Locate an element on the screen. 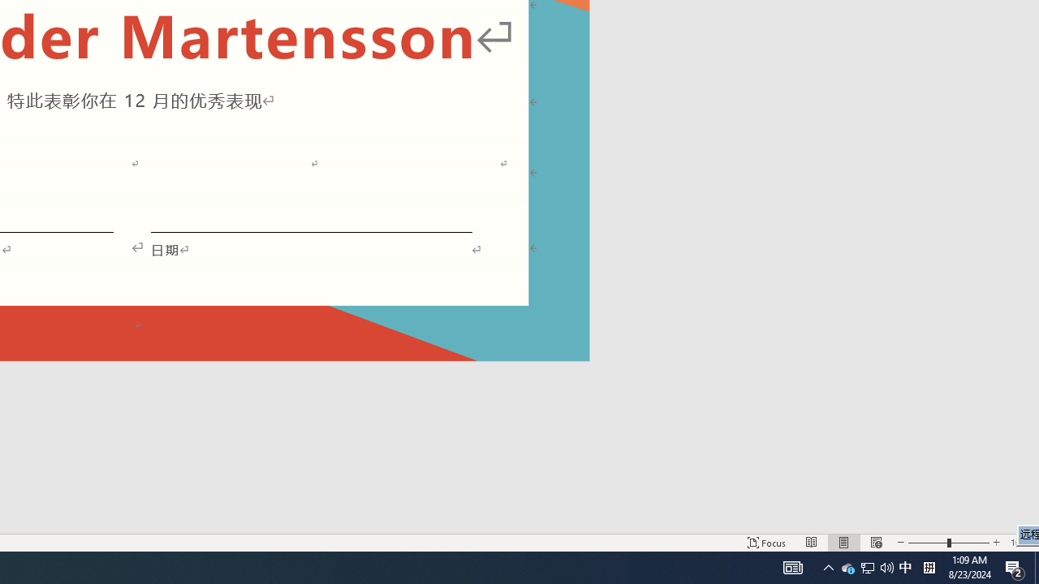  'Read Mode' is located at coordinates (812, 543).